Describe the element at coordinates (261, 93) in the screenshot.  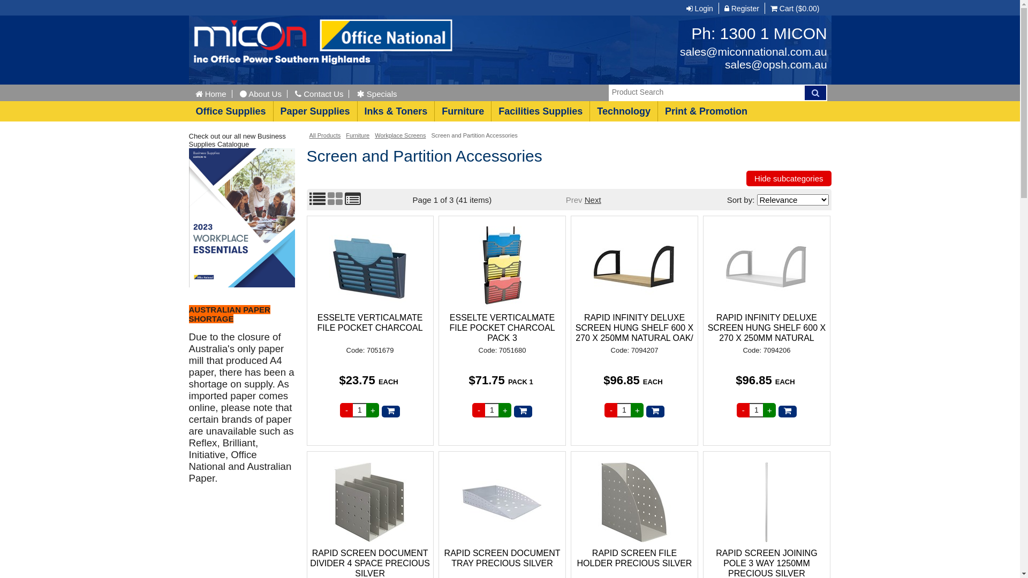
I see `'About Us'` at that location.